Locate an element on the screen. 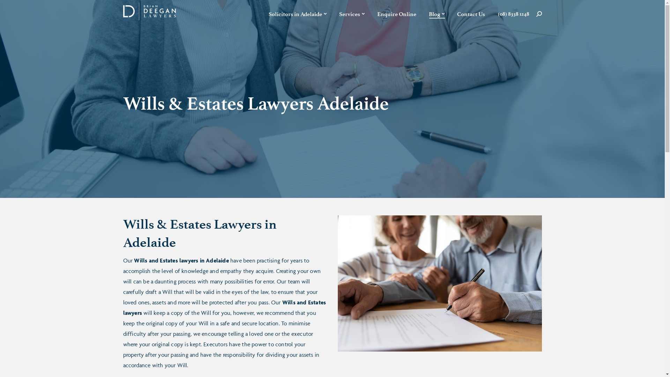 Image resolution: width=670 pixels, height=377 pixels. 'Enquire Online' is located at coordinates (396, 14).